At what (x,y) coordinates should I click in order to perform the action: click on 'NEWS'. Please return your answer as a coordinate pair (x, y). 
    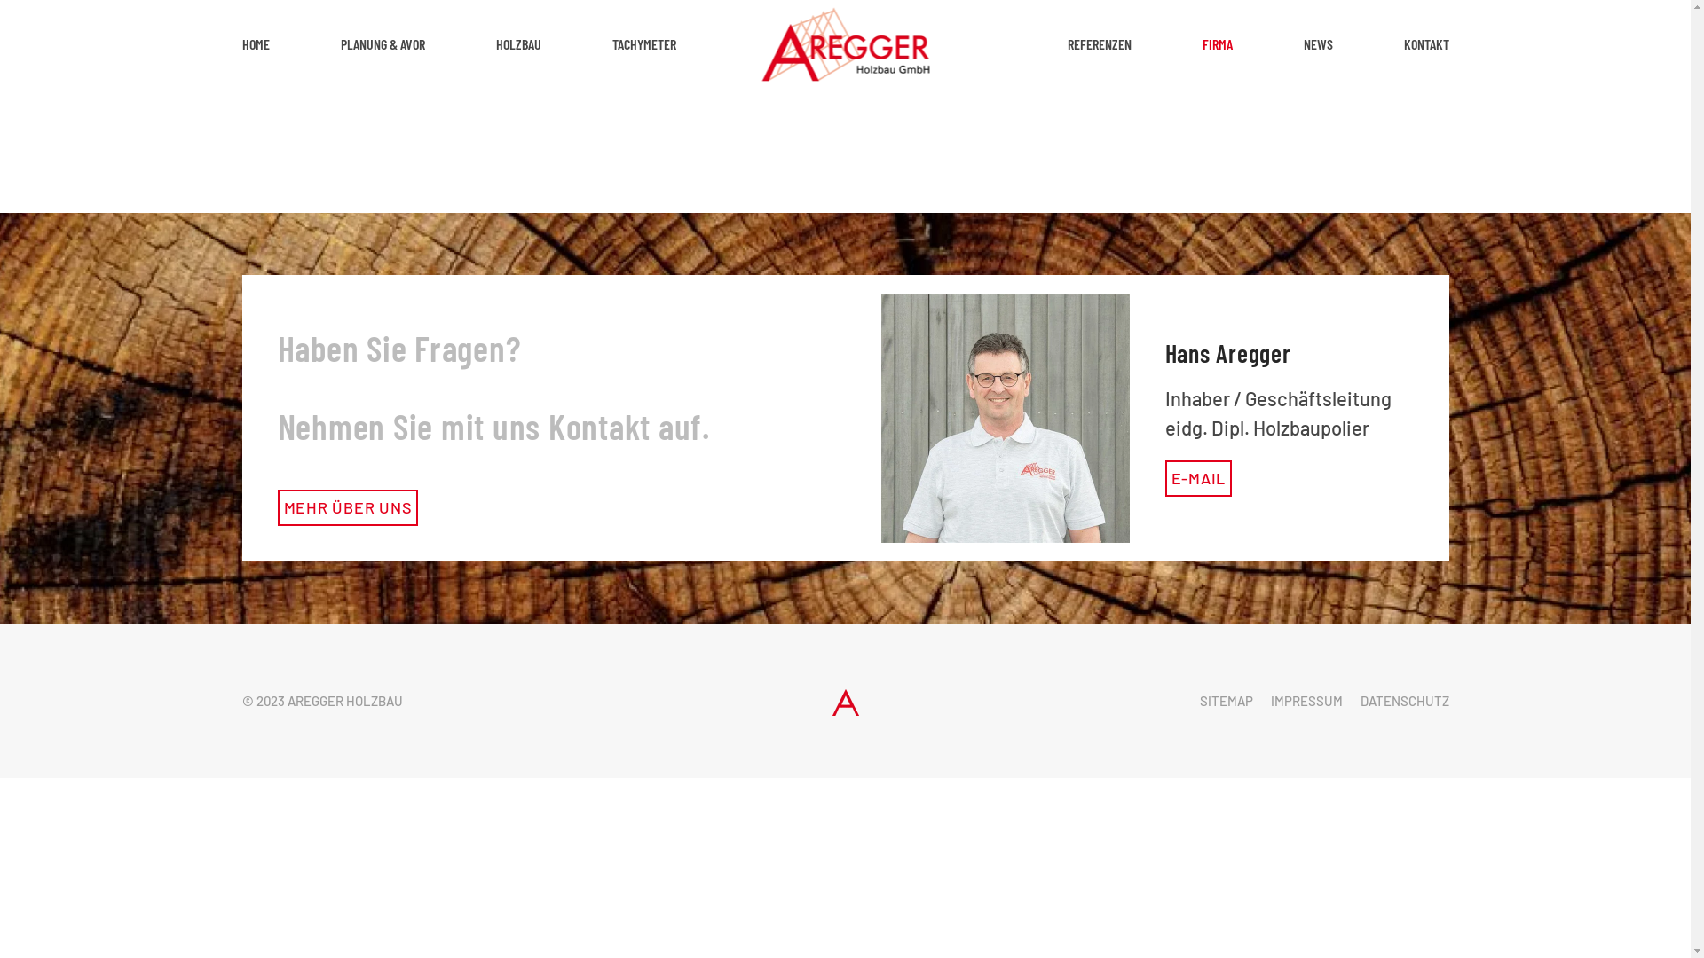
    Looking at the image, I should click on (1317, 43).